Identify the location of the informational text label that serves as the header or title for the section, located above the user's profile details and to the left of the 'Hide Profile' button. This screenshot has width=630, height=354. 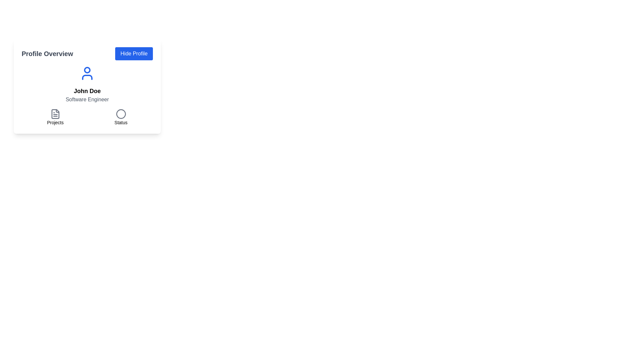
(47, 53).